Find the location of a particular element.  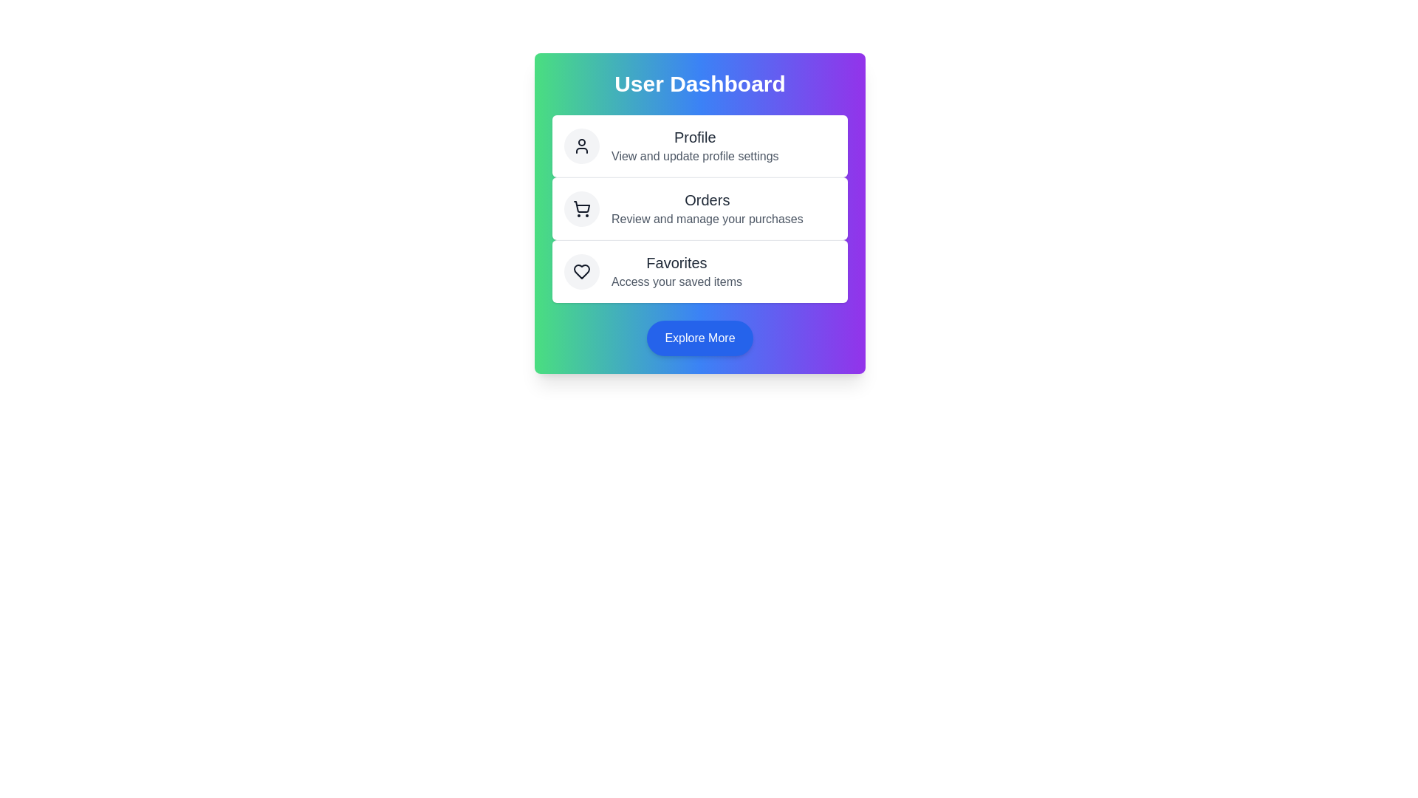

the action Orders to observe the hover effect is located at coordinates (699, 208).